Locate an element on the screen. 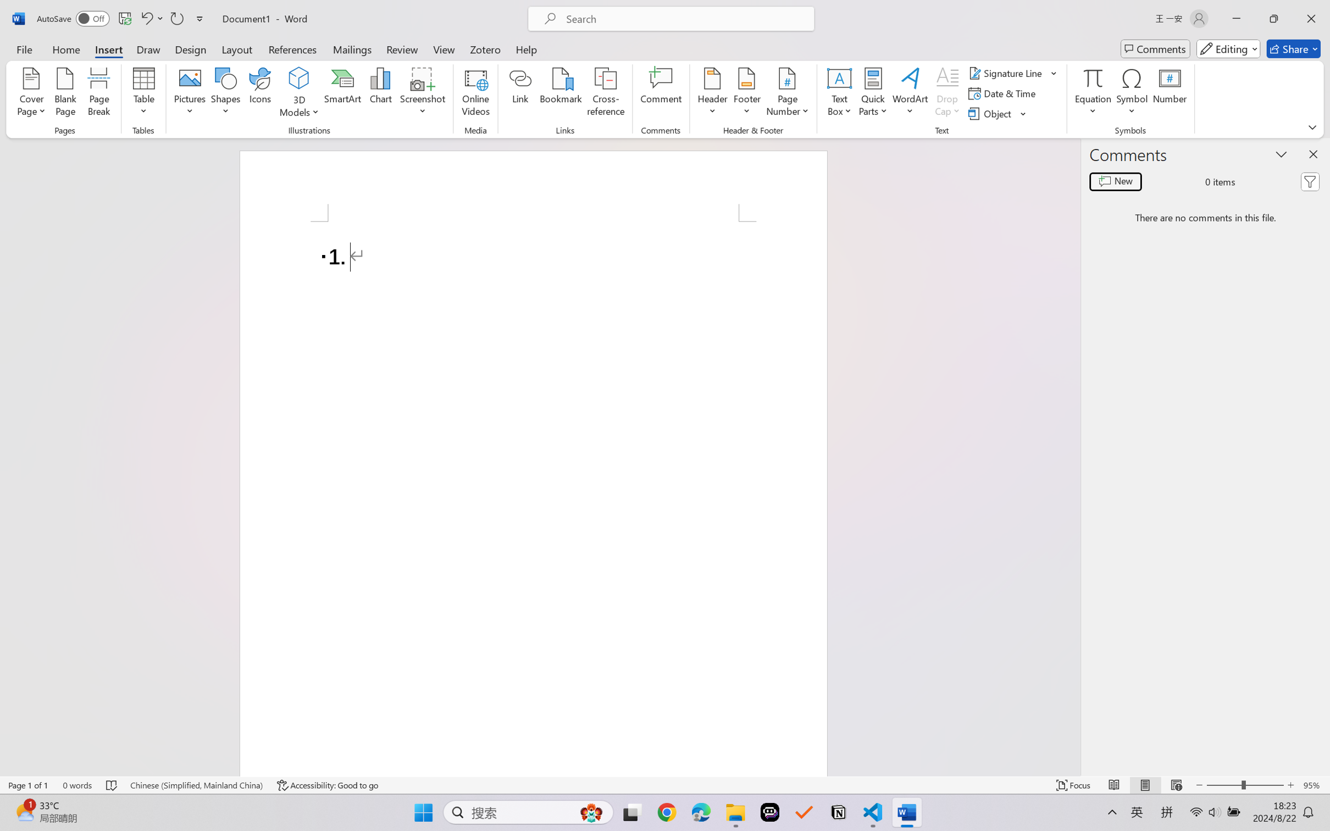  'Shapes' is located at coordinates (224, 93).